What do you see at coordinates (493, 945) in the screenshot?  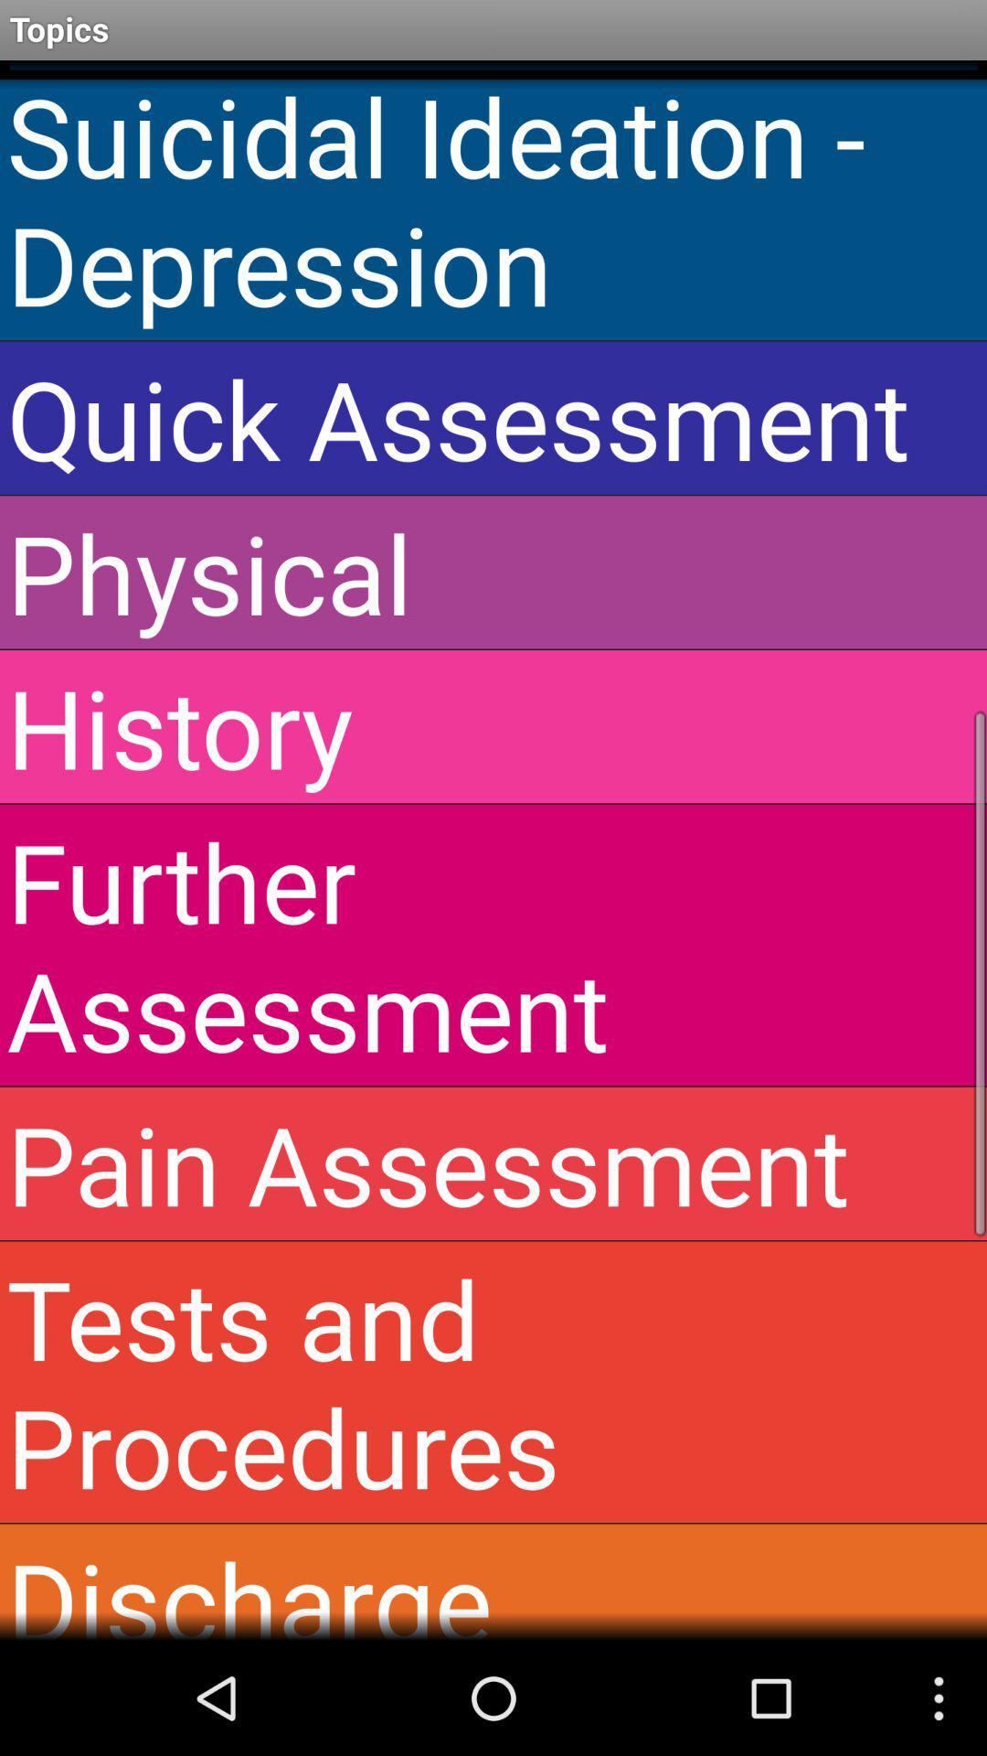 I see `app below history icon` at bounding box center [493, 945].